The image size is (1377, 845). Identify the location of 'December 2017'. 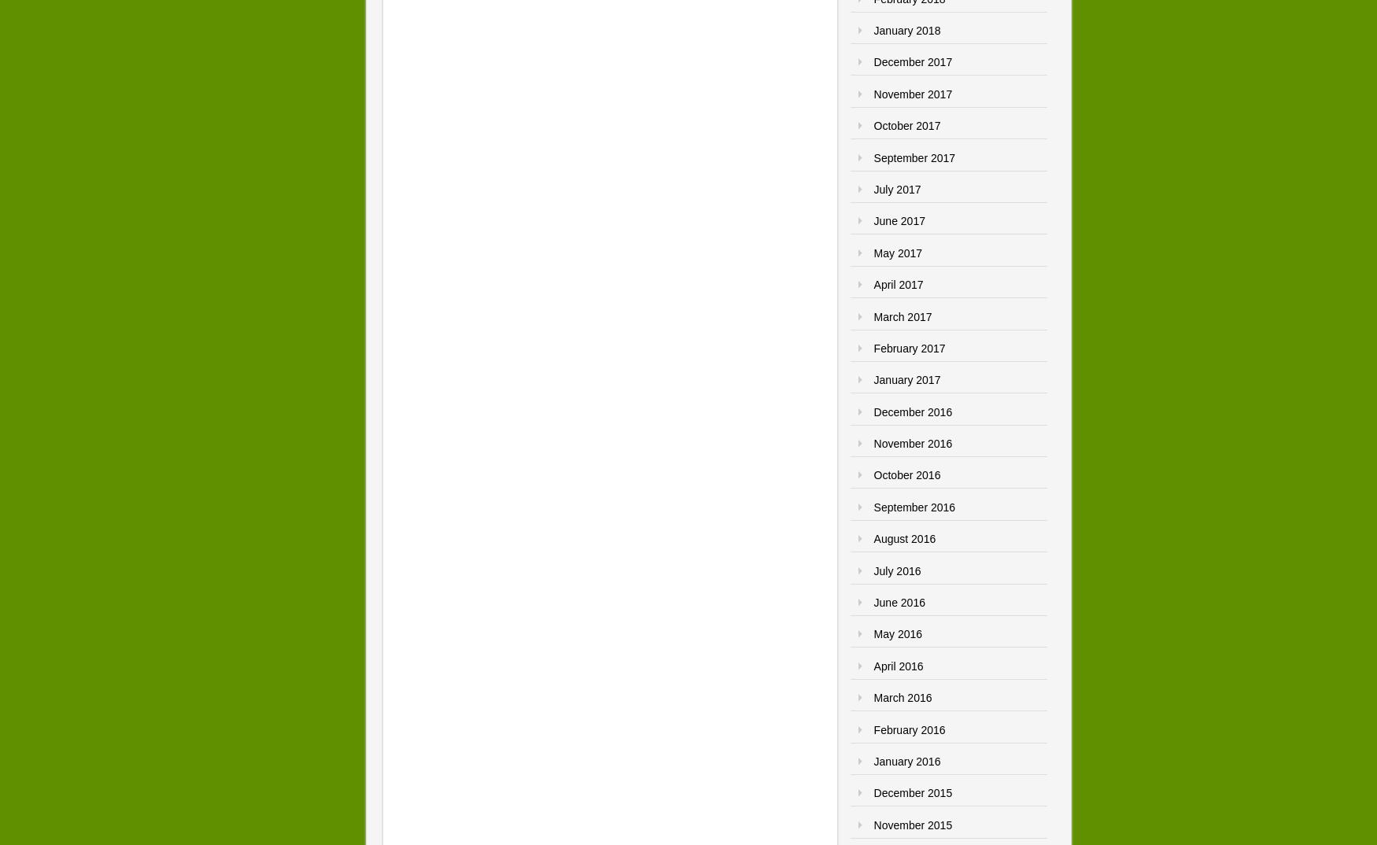
(912, 62).